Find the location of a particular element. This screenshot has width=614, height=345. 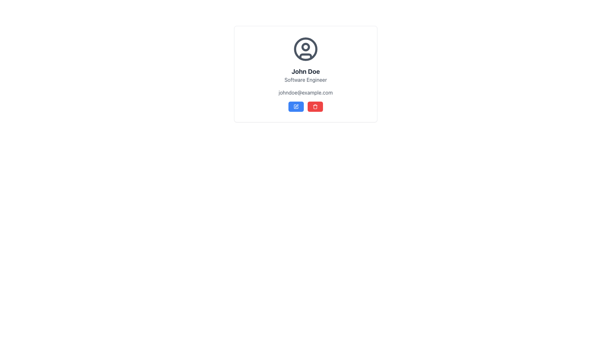

the blue button with rounded corners that has a white outline of a pen icon in the center is located at coordinates (296, 106).